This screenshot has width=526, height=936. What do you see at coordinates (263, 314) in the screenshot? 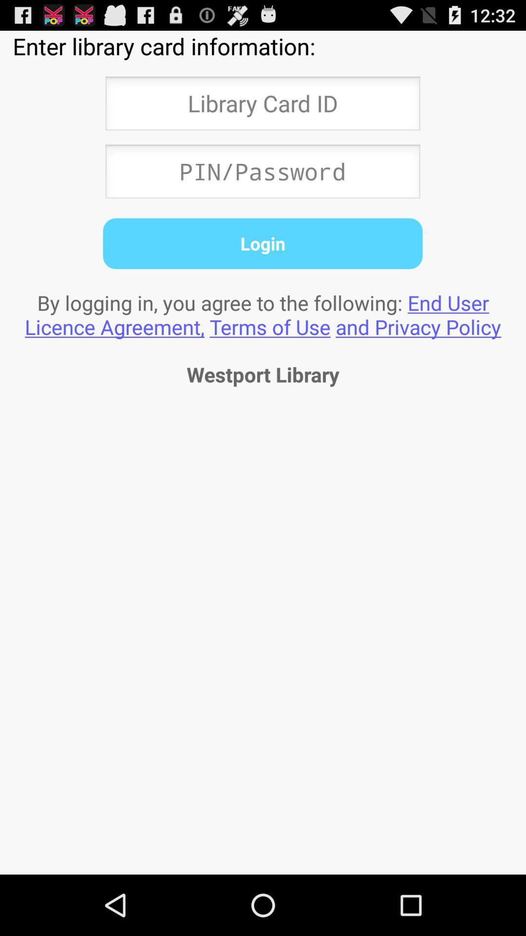
I see `button below login button` at bounding box center [263, 314].